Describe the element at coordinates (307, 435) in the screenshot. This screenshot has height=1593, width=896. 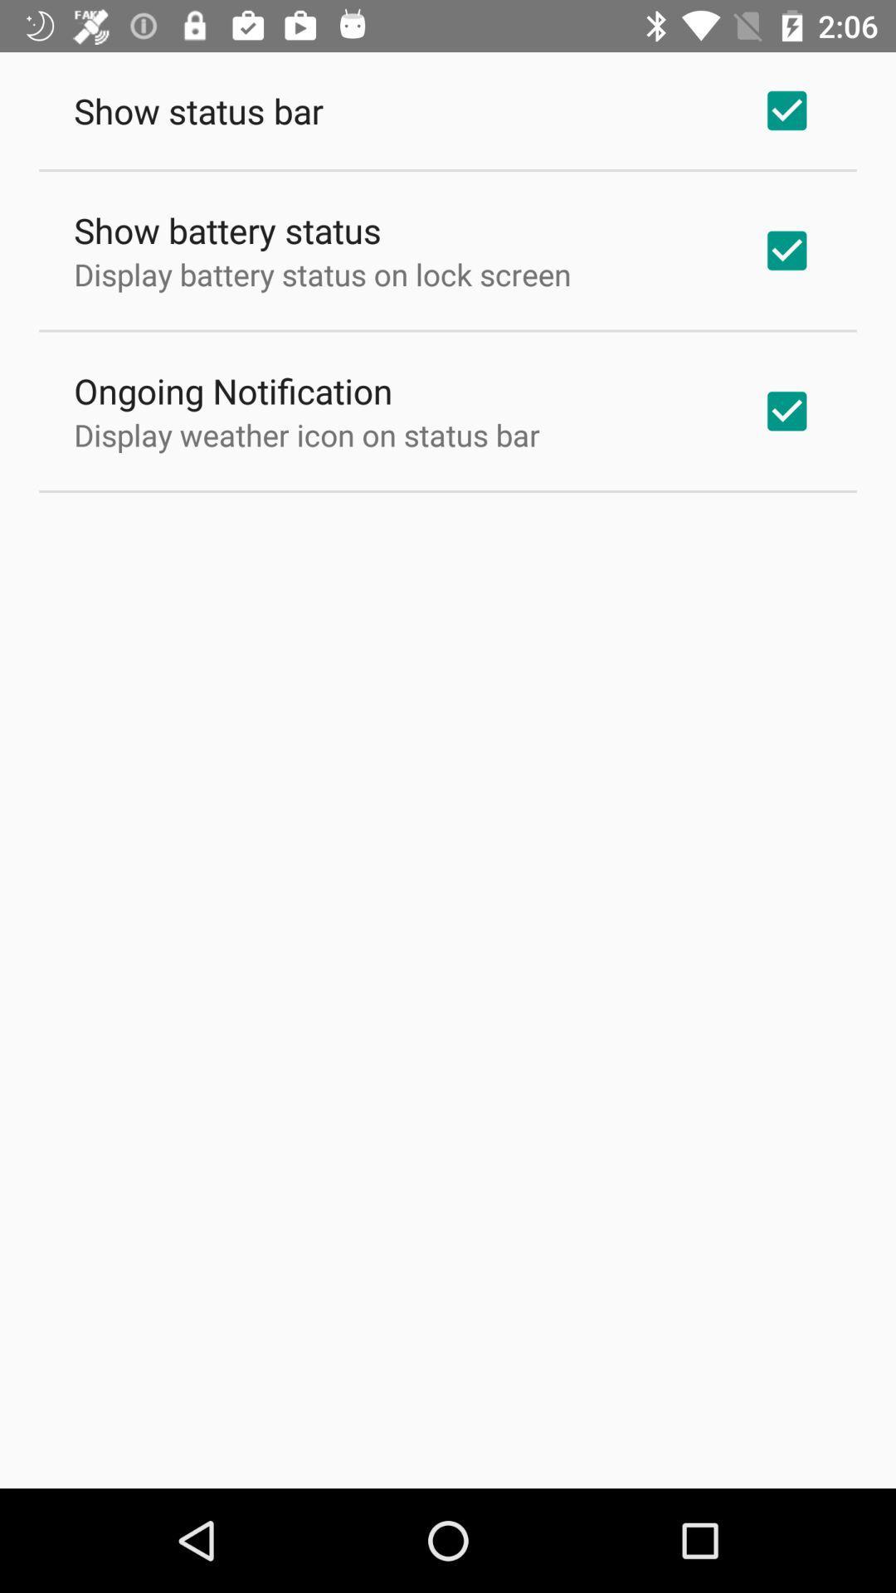
I see `display weather icon` at that location.